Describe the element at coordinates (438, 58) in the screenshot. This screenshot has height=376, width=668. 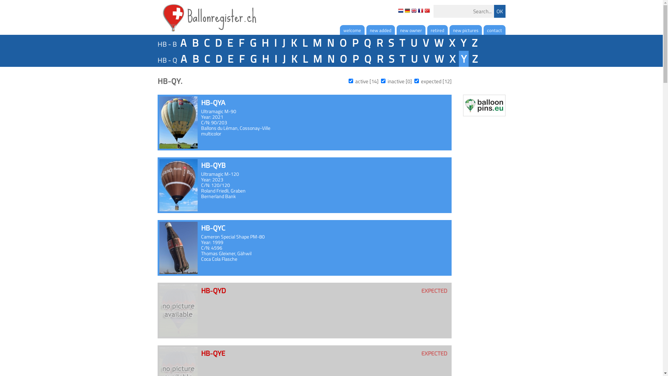
I see `'W'` at that location.